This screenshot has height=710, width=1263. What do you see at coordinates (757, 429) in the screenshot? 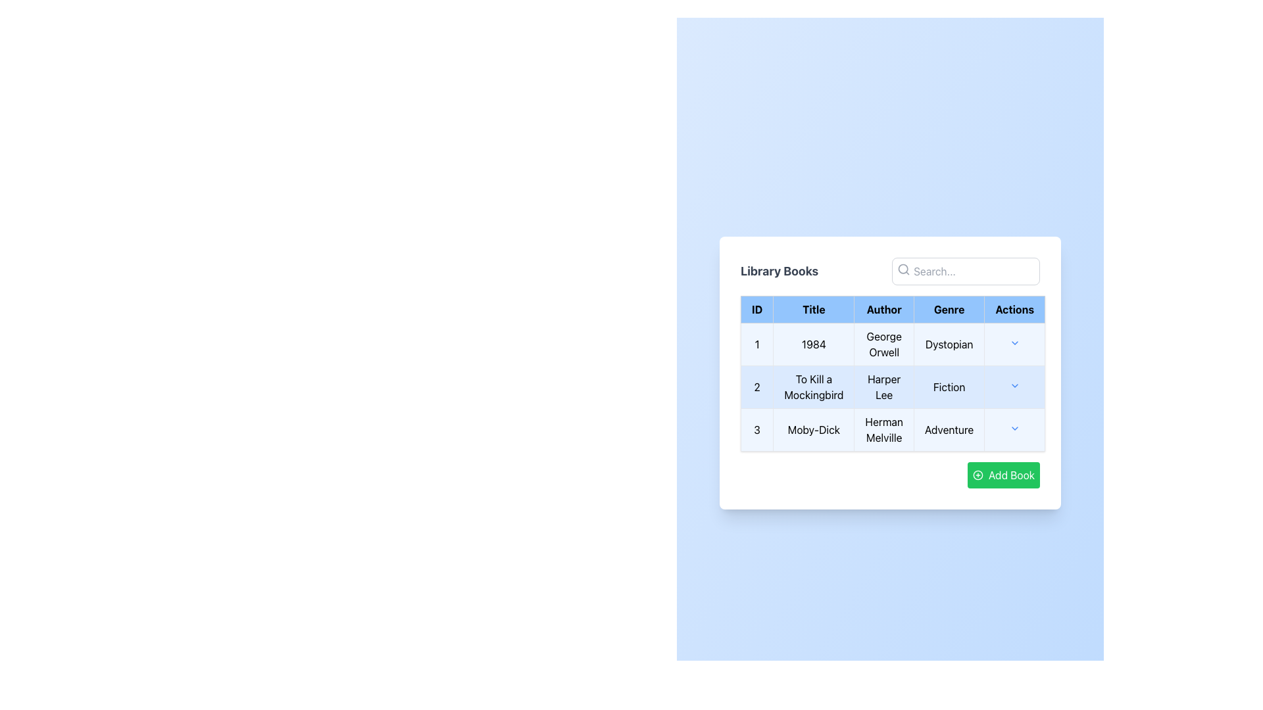
I see `the Text Display containing the number '3', which is displayed in bold within a bordered rectangular box in the first cell of the third row of the table` at bounding box center [757, 429].